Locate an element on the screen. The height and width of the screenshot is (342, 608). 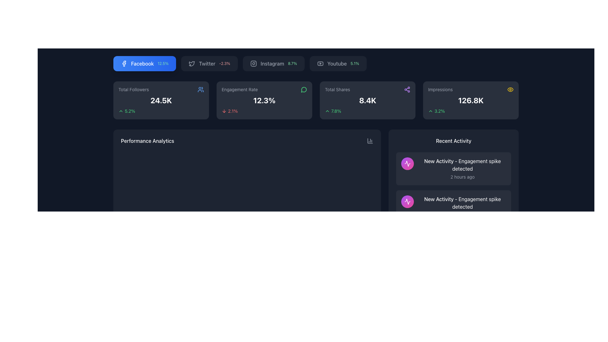
the activity icon in the 'Recent Activity' panel is located at coordinates (408, 201).